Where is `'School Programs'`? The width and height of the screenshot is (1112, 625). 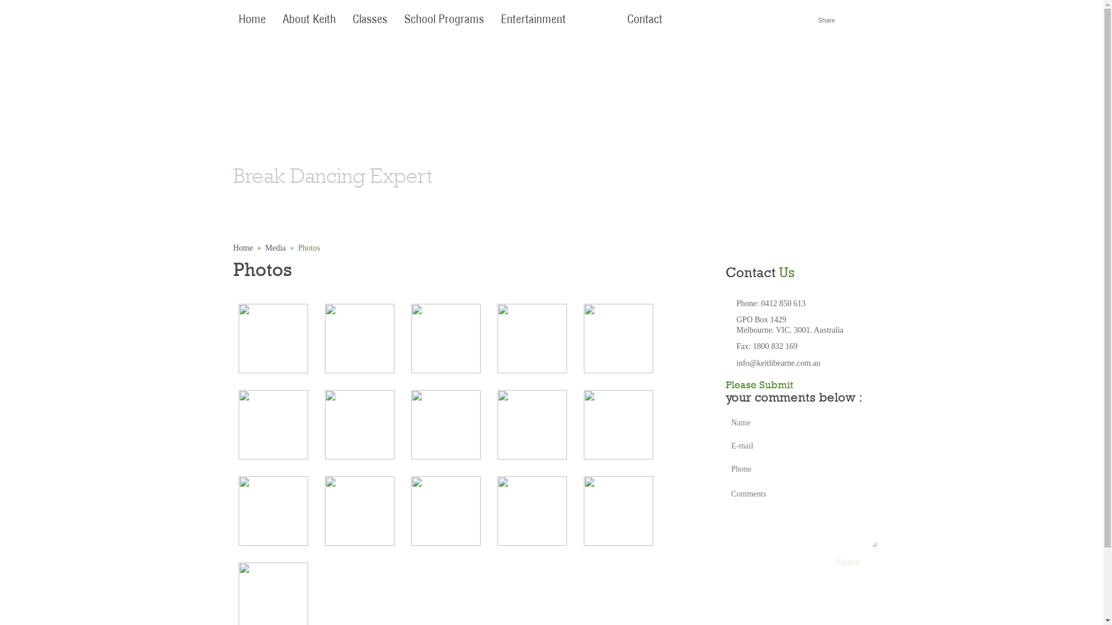 'School Programs' is located at coordinates (443, 20).